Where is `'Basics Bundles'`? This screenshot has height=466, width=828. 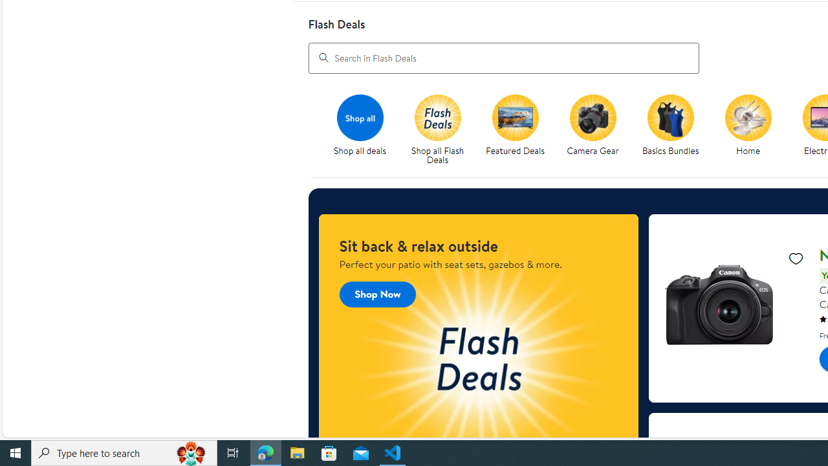 'Basics Bundles' is located at coordinates (675, 130).